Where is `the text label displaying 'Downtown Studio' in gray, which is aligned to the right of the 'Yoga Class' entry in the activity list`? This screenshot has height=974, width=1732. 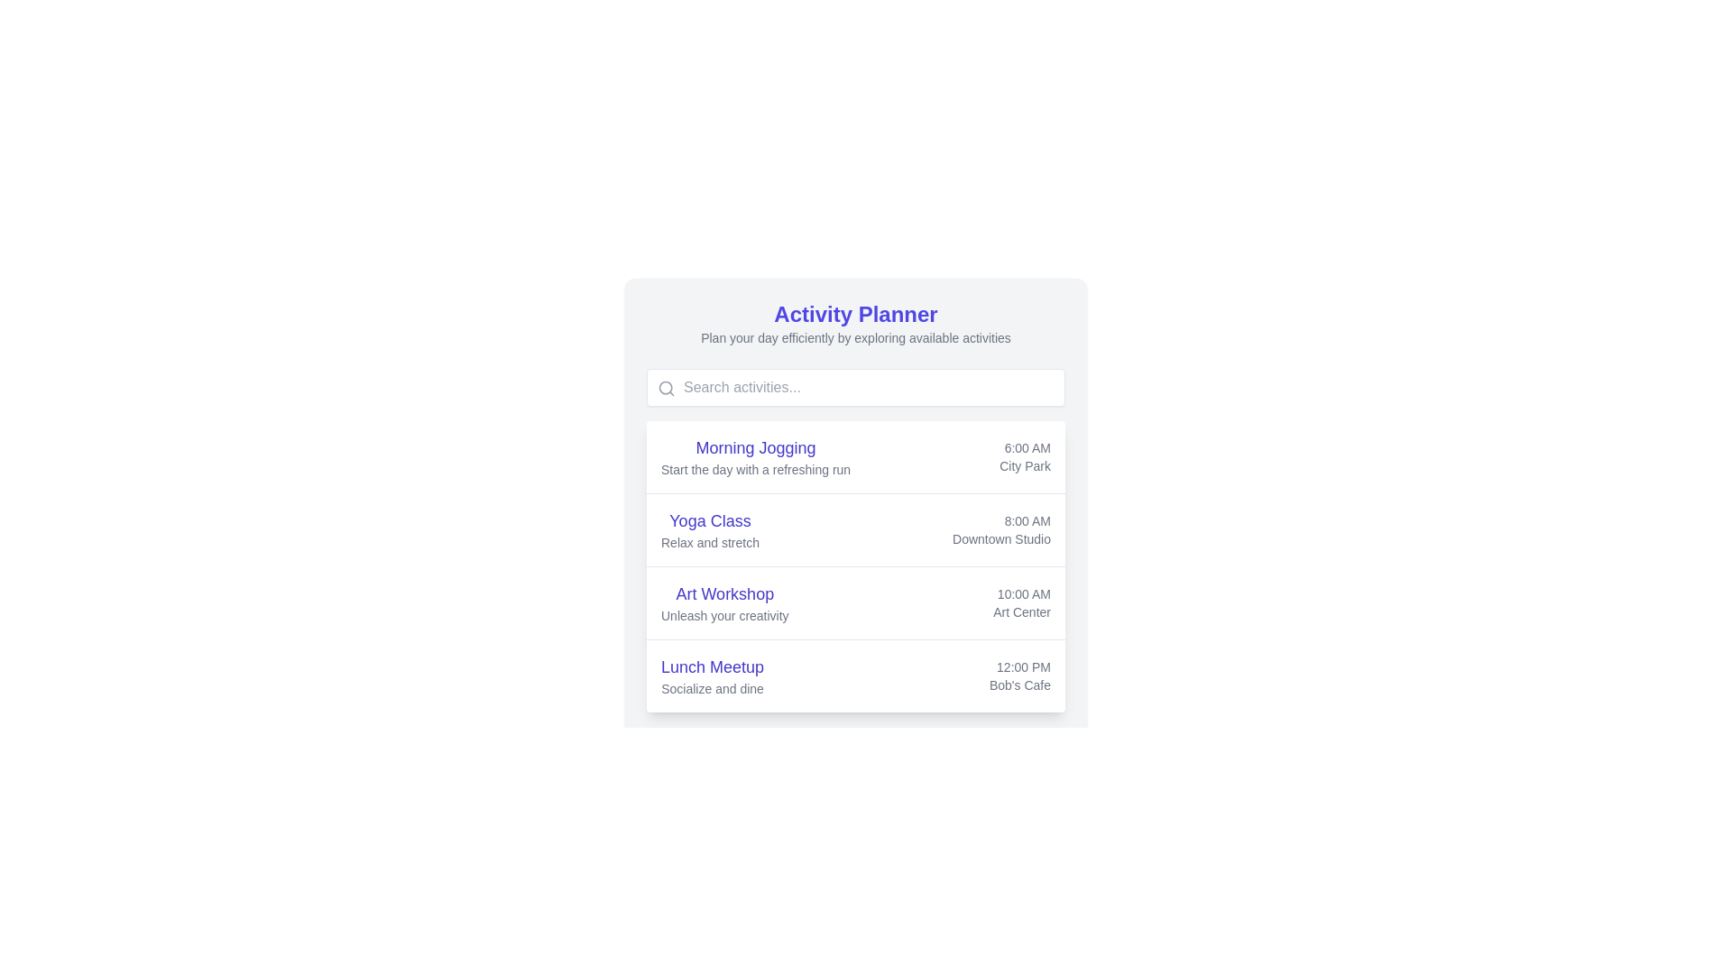
the text label displaying 'Downtown Studio' in gray, which is aligned to the right of the 'Yoga Class' entry in the activity list is located at coordinates (1000, 538).